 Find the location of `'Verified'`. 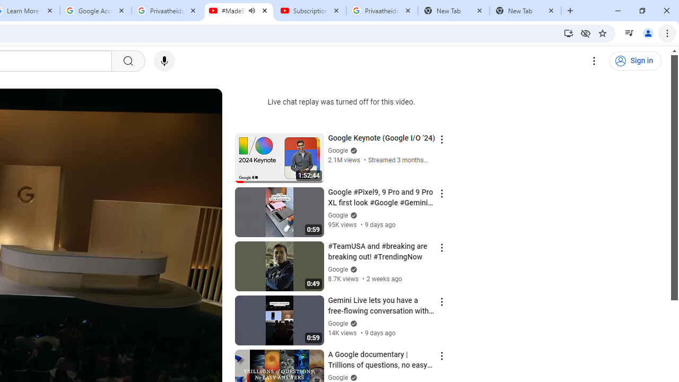

'Verified' is located at coordinates (352, 377).